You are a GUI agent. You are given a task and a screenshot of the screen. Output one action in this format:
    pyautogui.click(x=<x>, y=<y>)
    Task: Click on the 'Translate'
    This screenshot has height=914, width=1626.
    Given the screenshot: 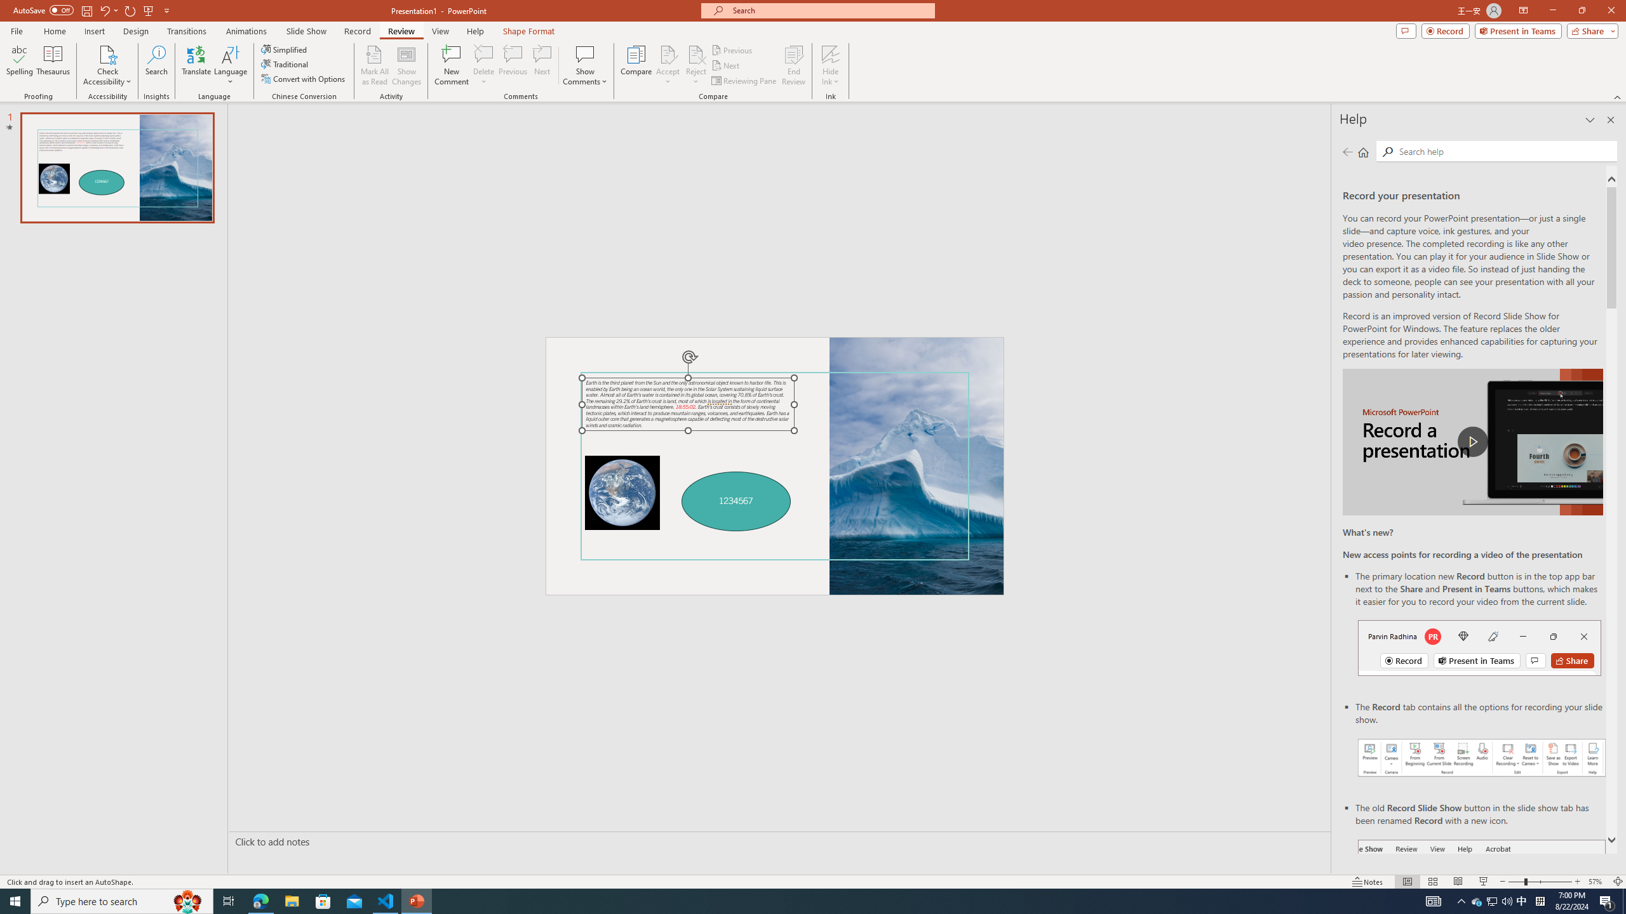 What is the action you would take?
    pyautogui.click(x=196, y=65)
    